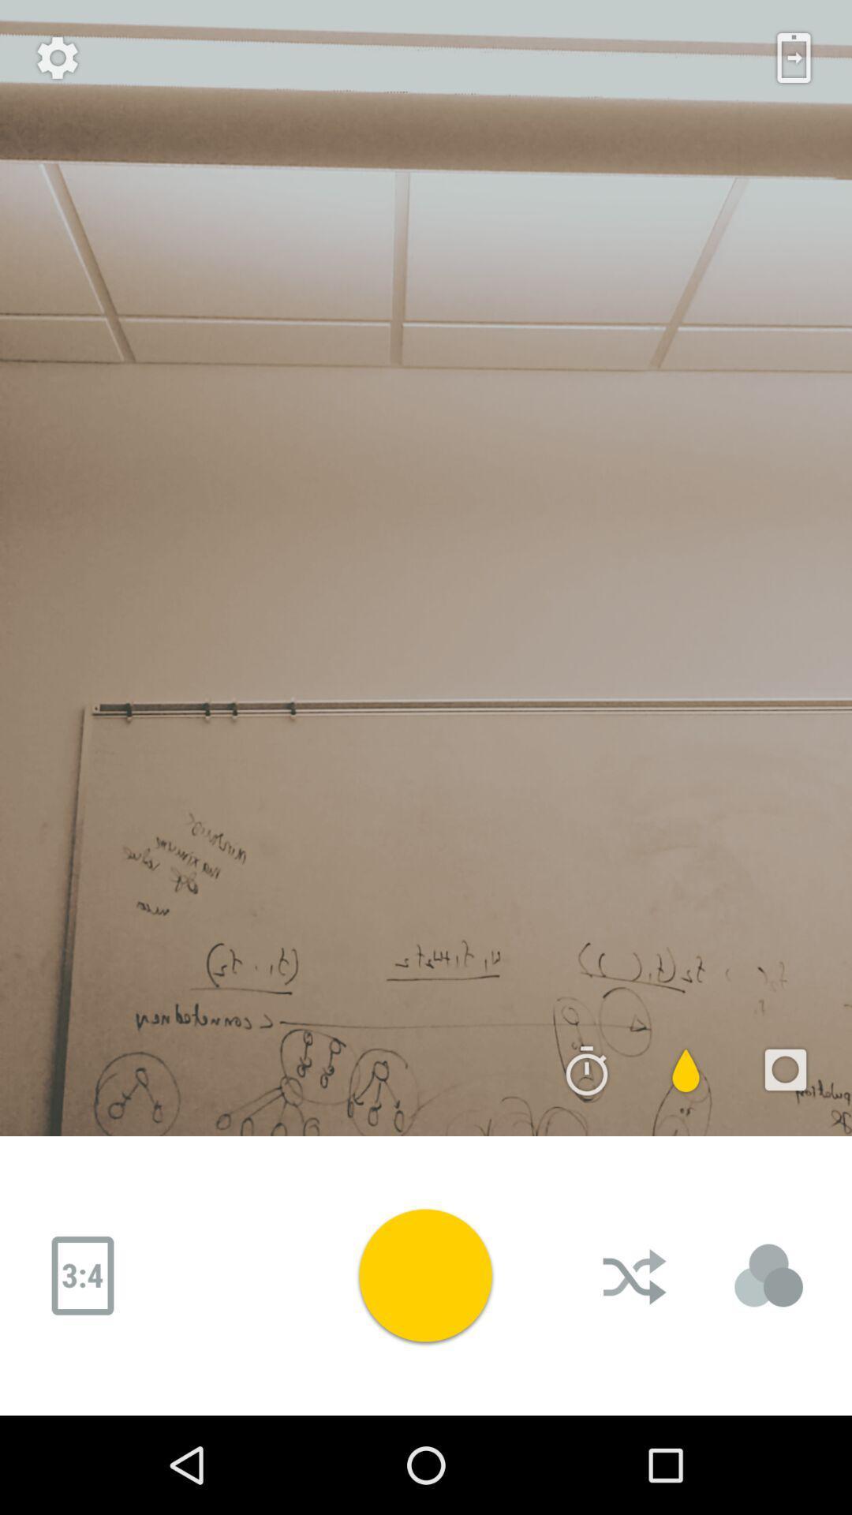  I want to click on the play butten, so click(424, 1275).